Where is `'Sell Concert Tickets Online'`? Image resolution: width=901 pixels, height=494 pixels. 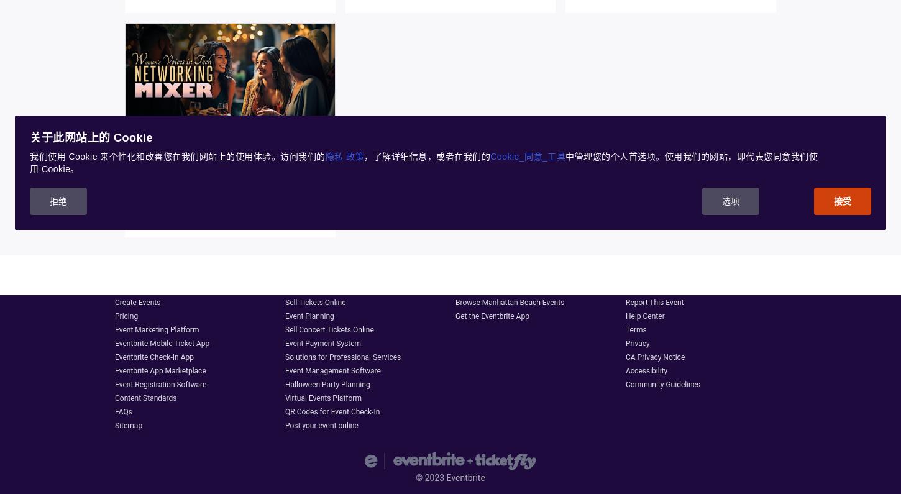
'Sell Concert Tickets Online' is located at coordinates (329, 329).